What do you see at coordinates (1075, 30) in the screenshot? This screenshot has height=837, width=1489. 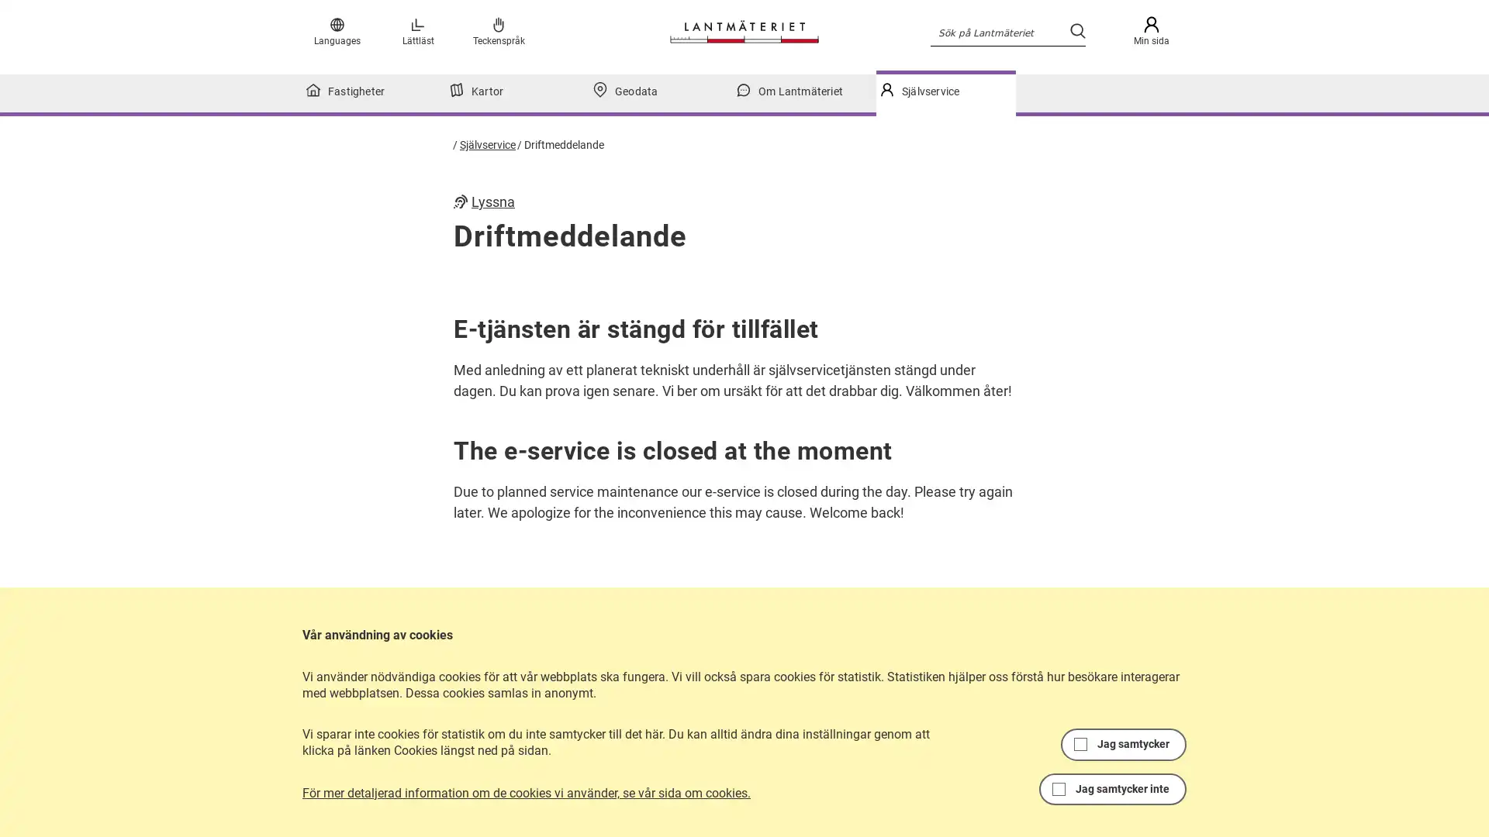 I see `Sok` at bounding box center [1075, 30].